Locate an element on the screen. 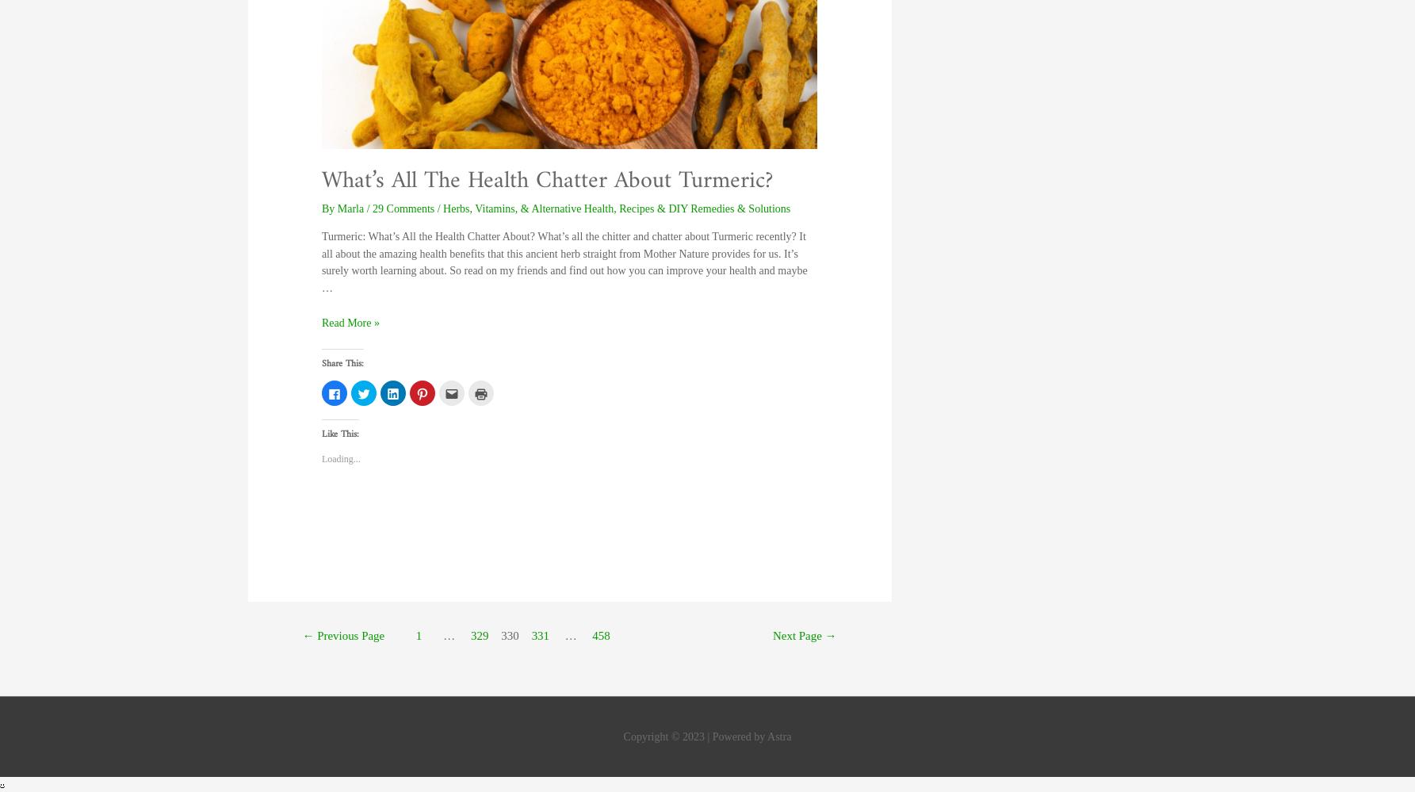 The image size is (1415, 792). 'Turmeric: What’s All the Health Chatter About? What’s all the chitter and chatter about Turmeric recently? It all about the amazing health benefits that this ancient herb straight from Mother Nature provides for us. It’s surely worth learning about. So read on my friends and find out how you can improve your health and maybe …' is located at coordinates (320, 260).